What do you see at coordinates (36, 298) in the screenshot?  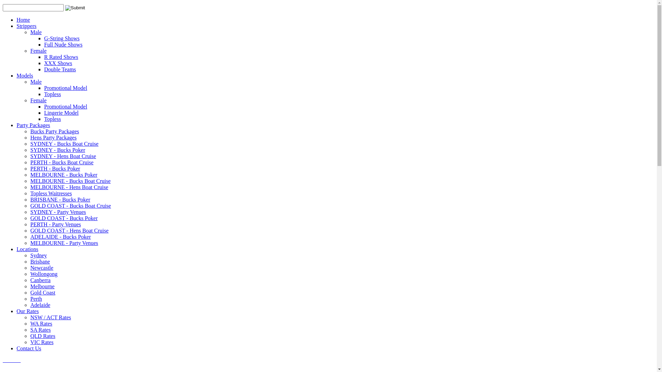 I see `'Perth'` at bounding box center [36, 298].